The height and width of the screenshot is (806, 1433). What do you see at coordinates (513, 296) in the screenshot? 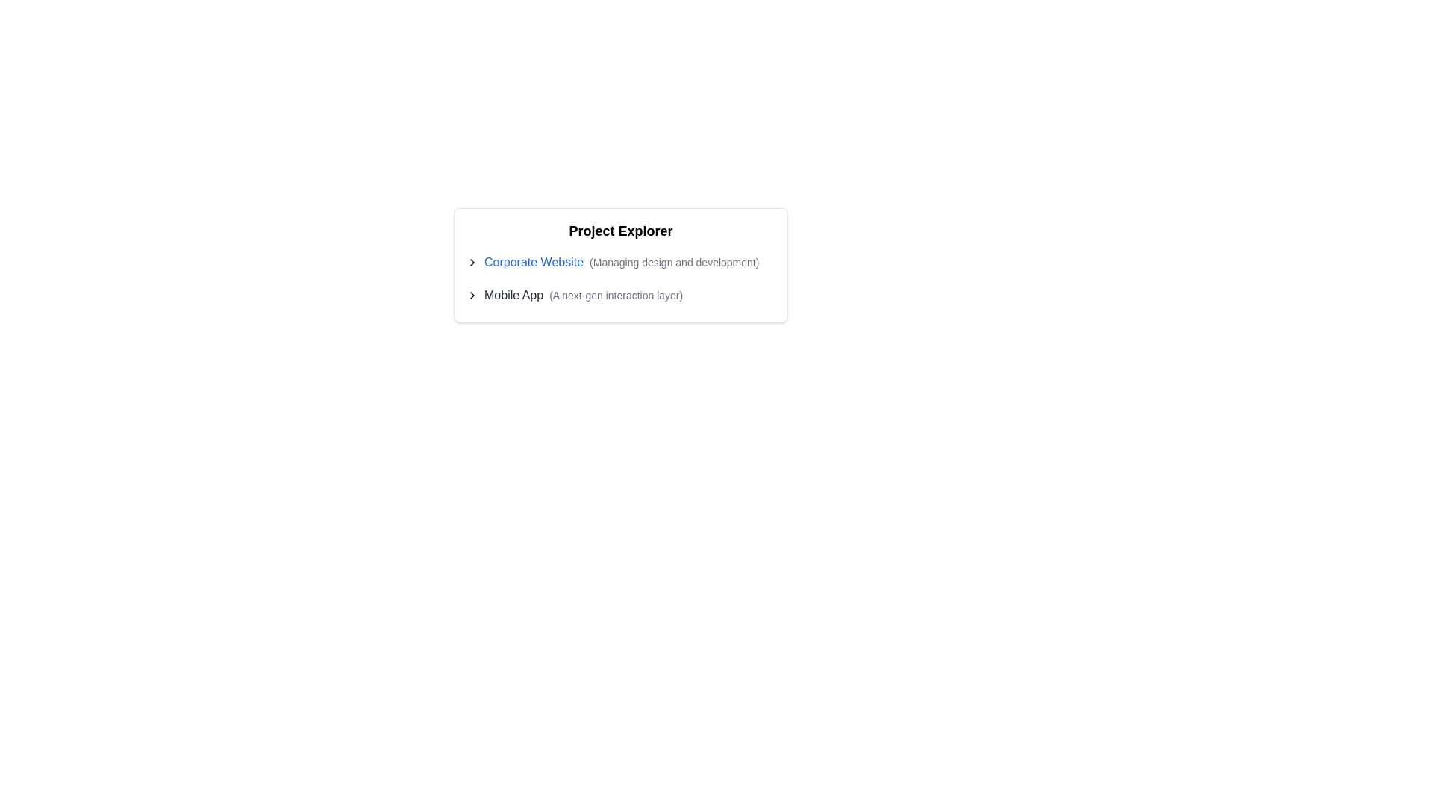
I see `the project associated with the text label` at bounding box center [513, 296].